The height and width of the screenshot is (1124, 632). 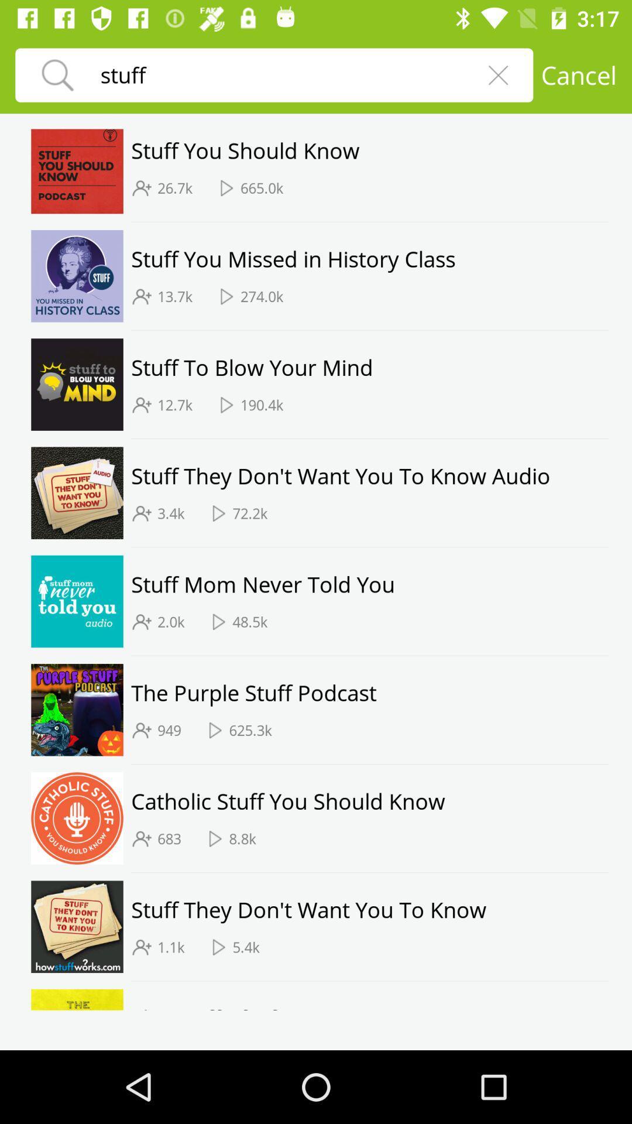 I want to click on item to the right of stuff icon, so click(x=498, y=74).